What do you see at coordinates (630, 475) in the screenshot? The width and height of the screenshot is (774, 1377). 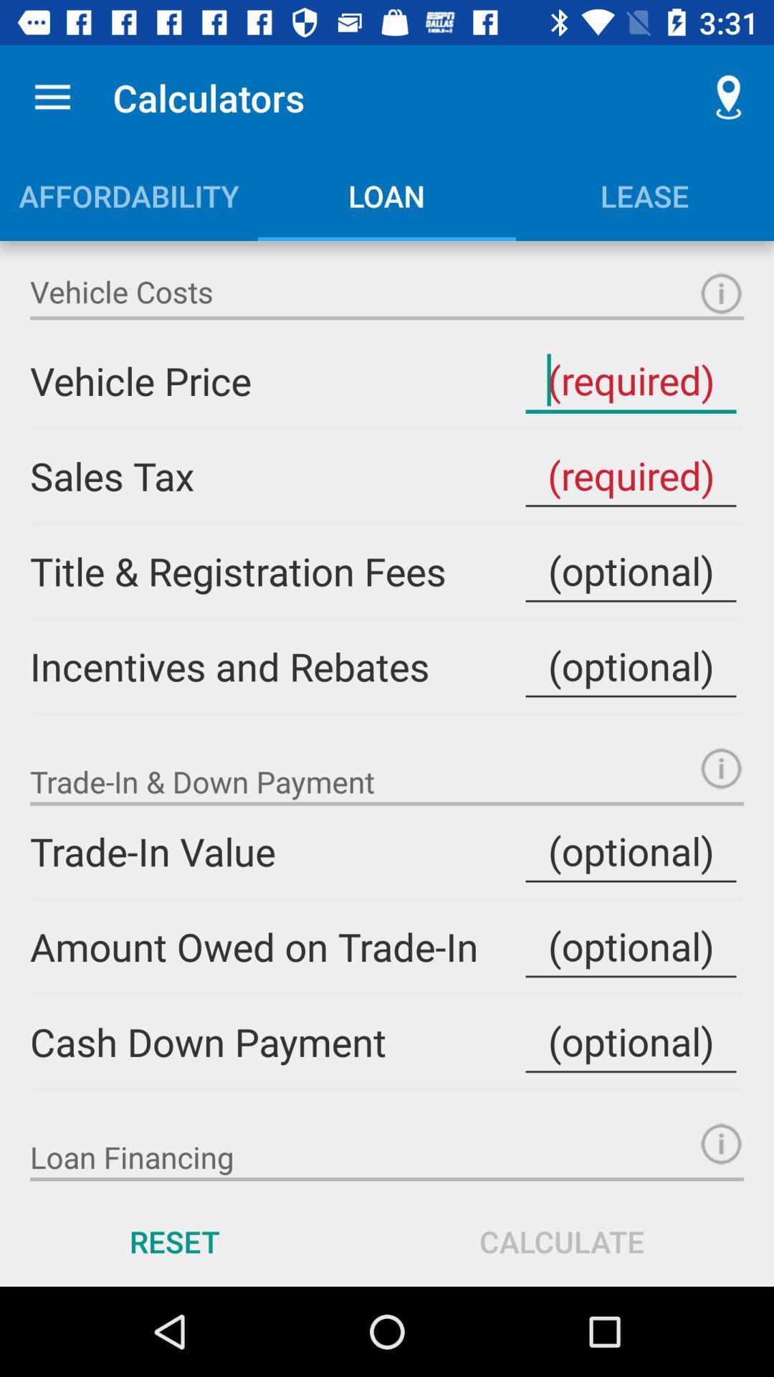 I see `input sales tax` at bounding box center [630, 475].